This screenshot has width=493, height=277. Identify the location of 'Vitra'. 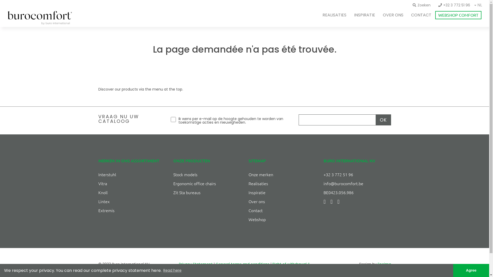
(102, 183).